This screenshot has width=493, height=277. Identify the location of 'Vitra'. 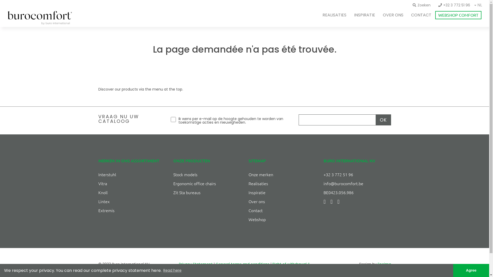
(102, 183).